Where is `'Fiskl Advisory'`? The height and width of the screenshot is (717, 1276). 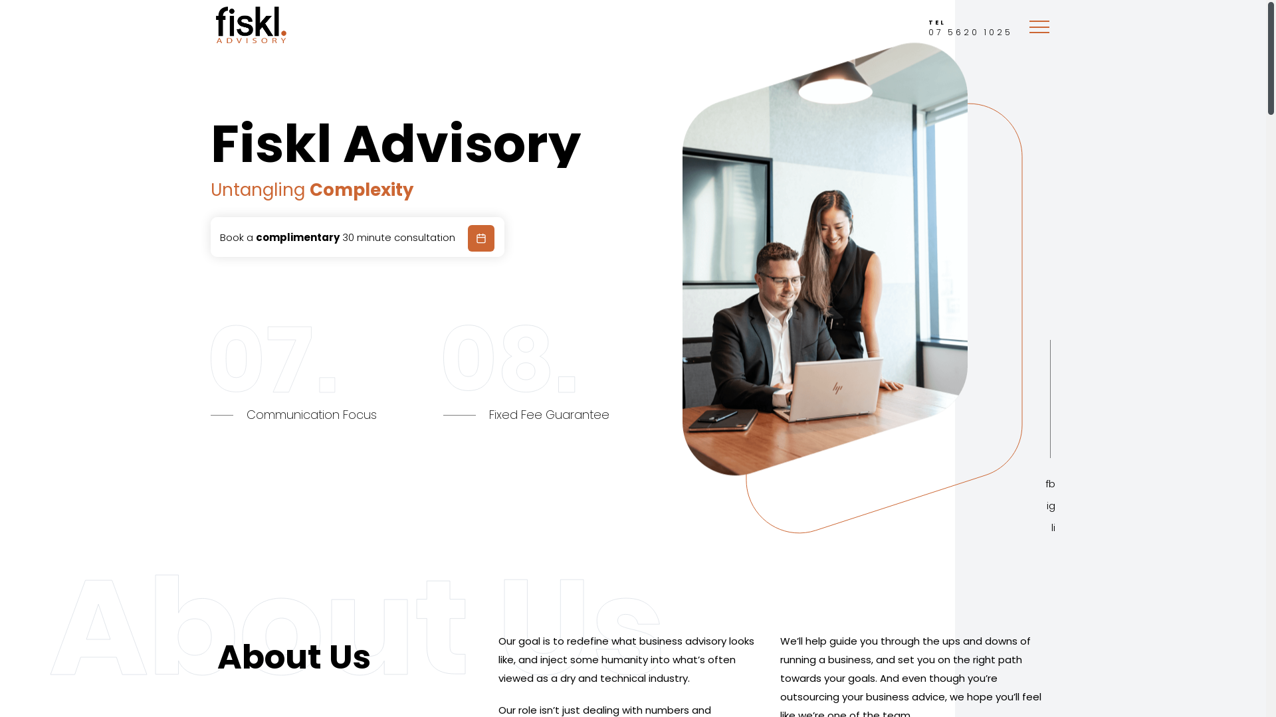 'Fiskl Advisory' is located at coordinates (251, 40).